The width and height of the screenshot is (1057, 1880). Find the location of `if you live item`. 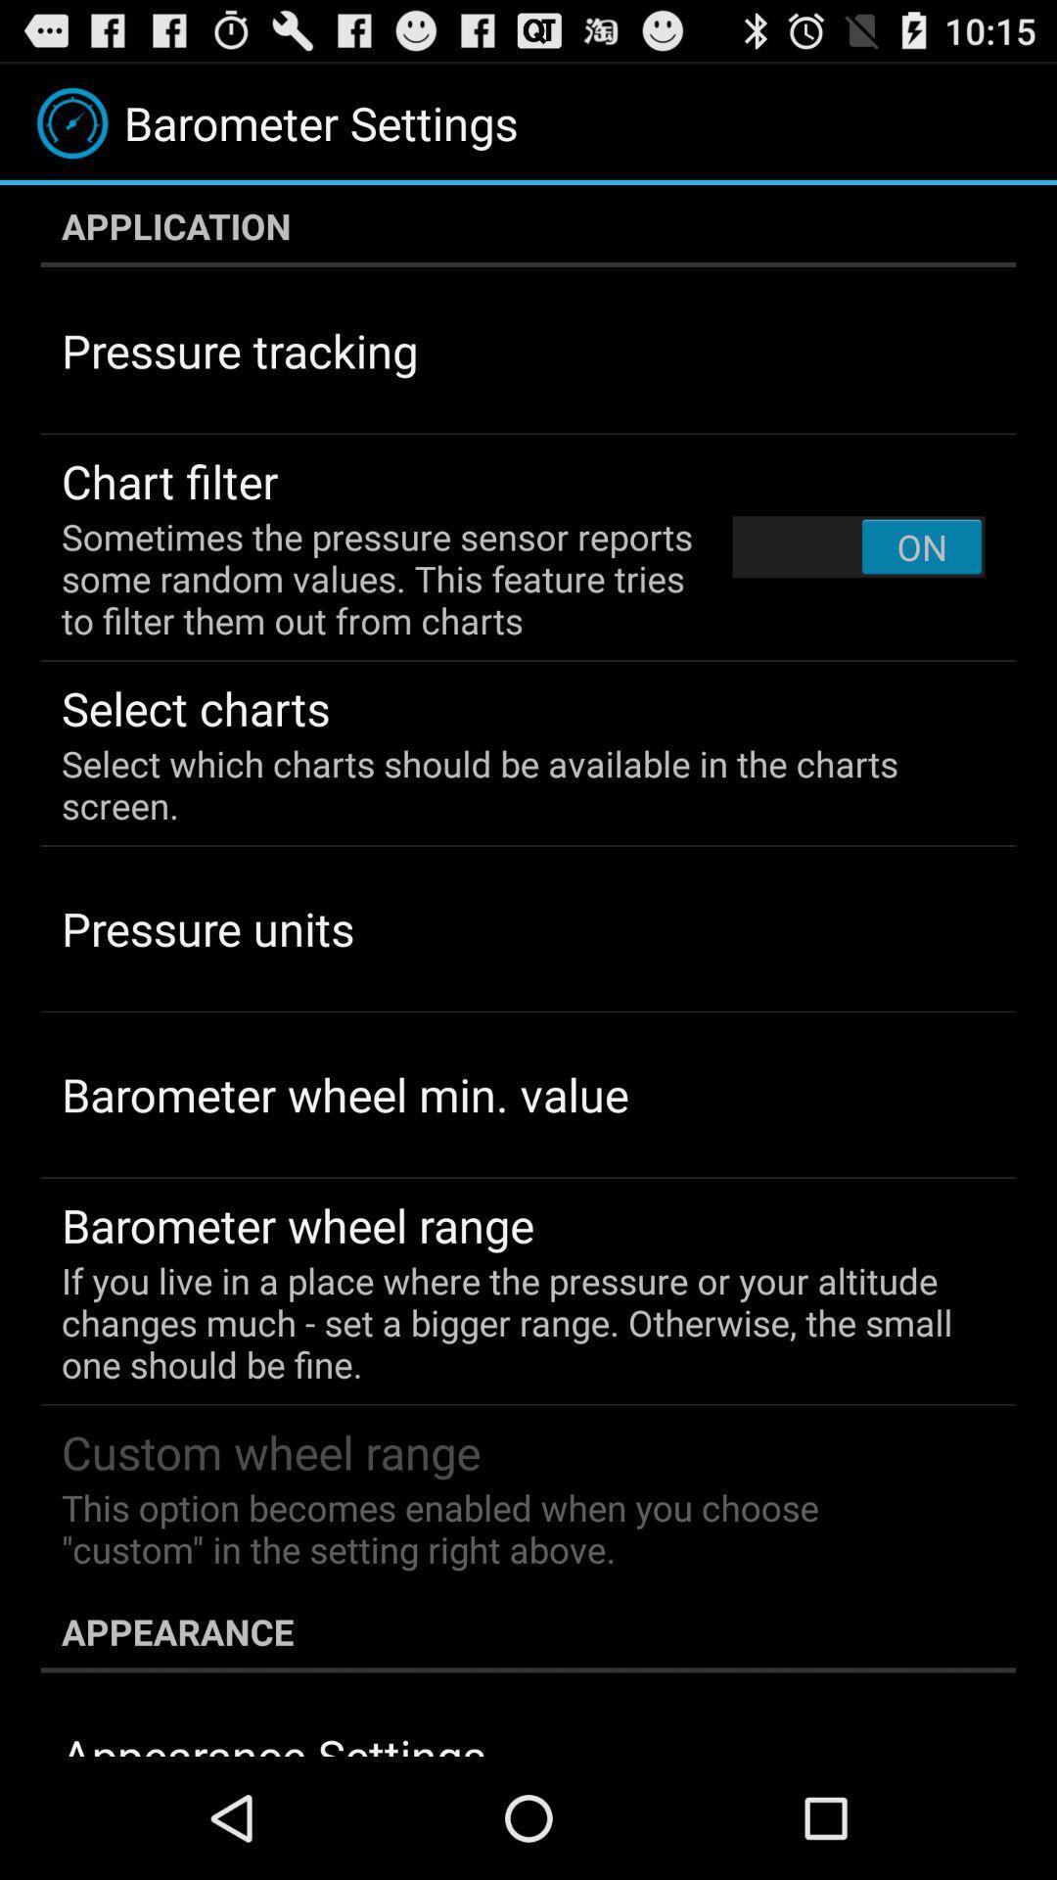

if you live item is located at coordinates (514, 1322).